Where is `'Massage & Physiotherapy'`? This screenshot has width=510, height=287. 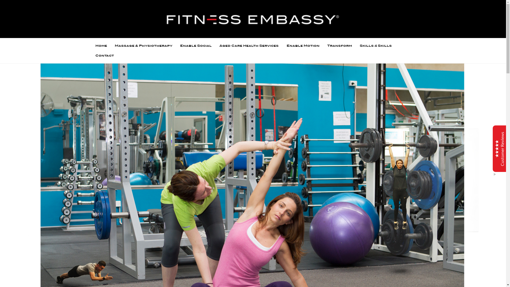 'Massage & Physiotherapy' is located at coordinates (143, 45).